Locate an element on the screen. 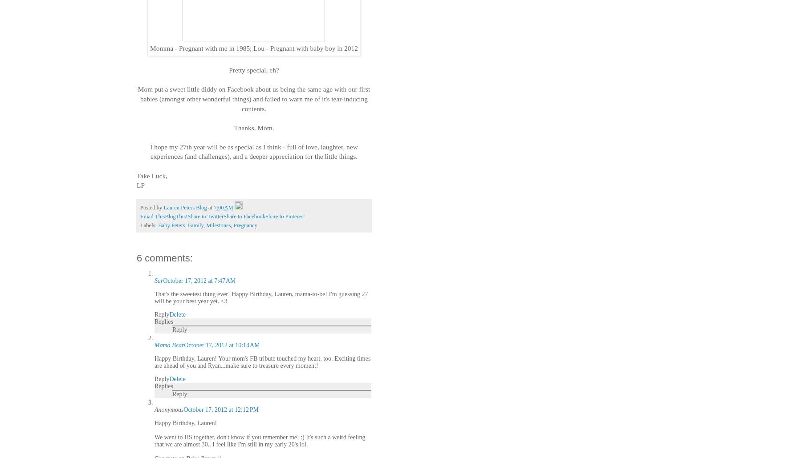  'Posted by' is located at coordinates (151, 206).